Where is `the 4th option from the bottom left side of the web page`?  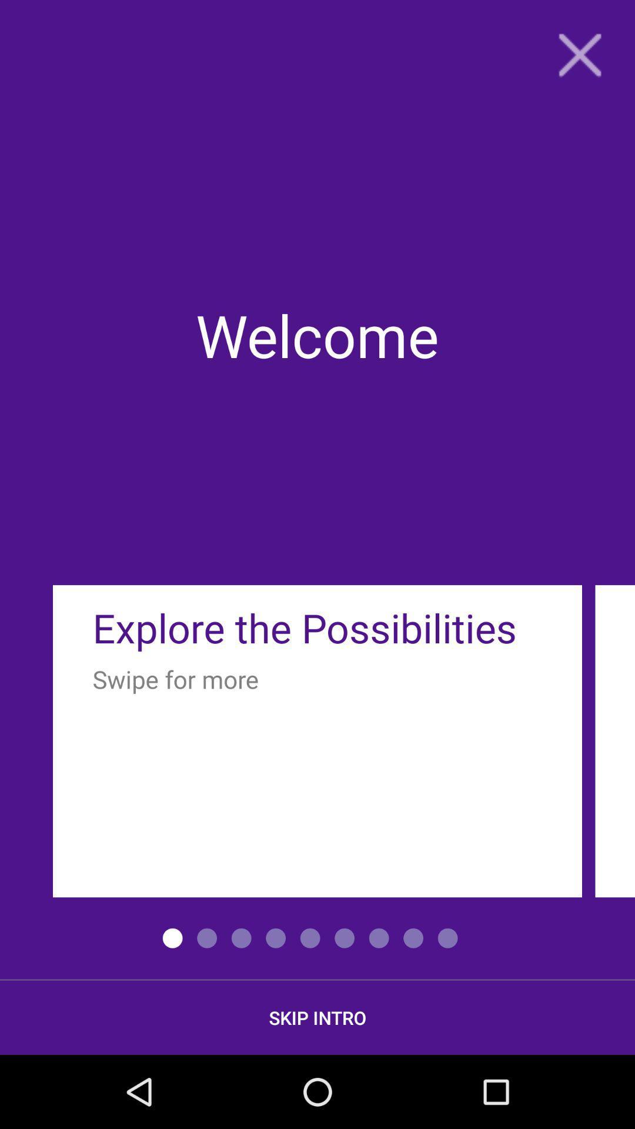
the 4th option from the bottom left side of the web page is located at coordinates (276, 938).